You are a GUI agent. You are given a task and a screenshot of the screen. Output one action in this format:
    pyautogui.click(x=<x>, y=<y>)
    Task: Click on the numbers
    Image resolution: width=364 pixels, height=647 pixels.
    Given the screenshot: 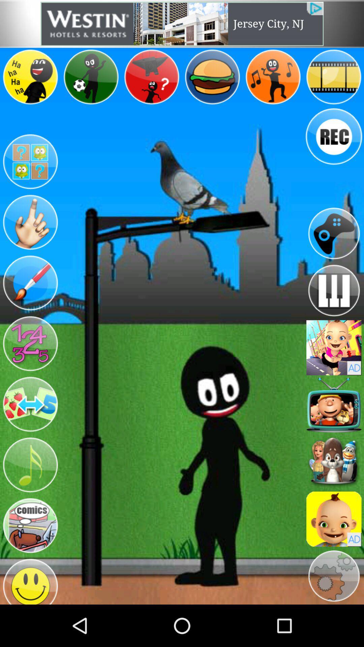 What is the action you would take?
    pyautogui.click(x=30, y=343)
    